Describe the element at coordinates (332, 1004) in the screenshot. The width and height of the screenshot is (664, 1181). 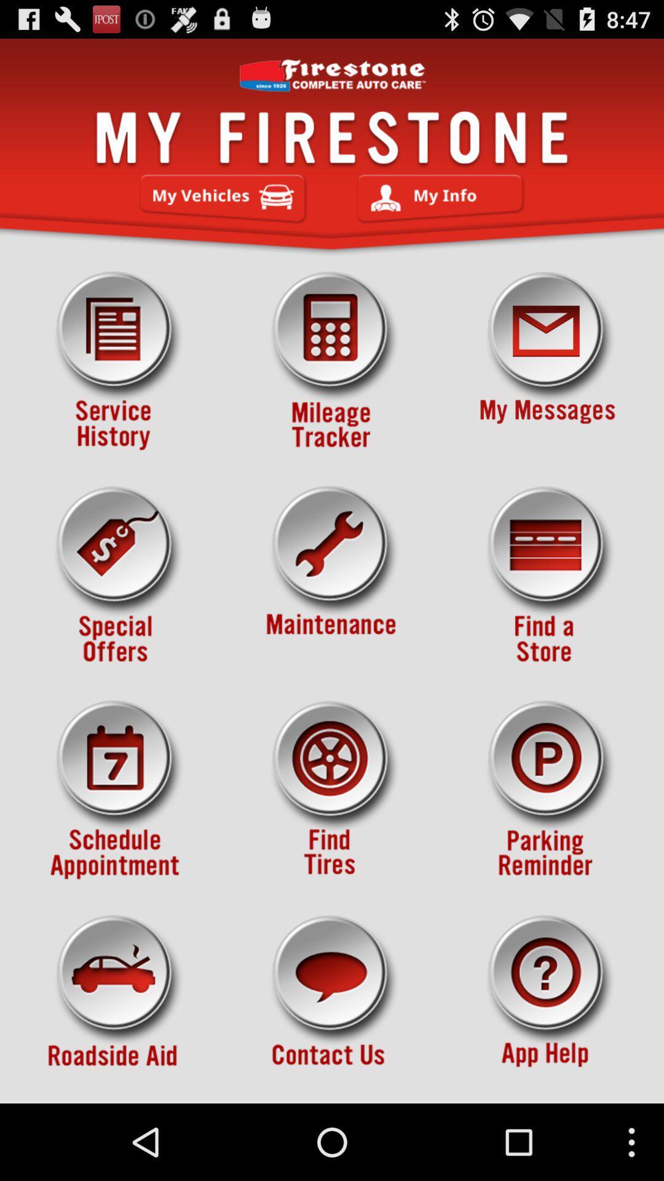
I see `button to contact firestone` at that location.